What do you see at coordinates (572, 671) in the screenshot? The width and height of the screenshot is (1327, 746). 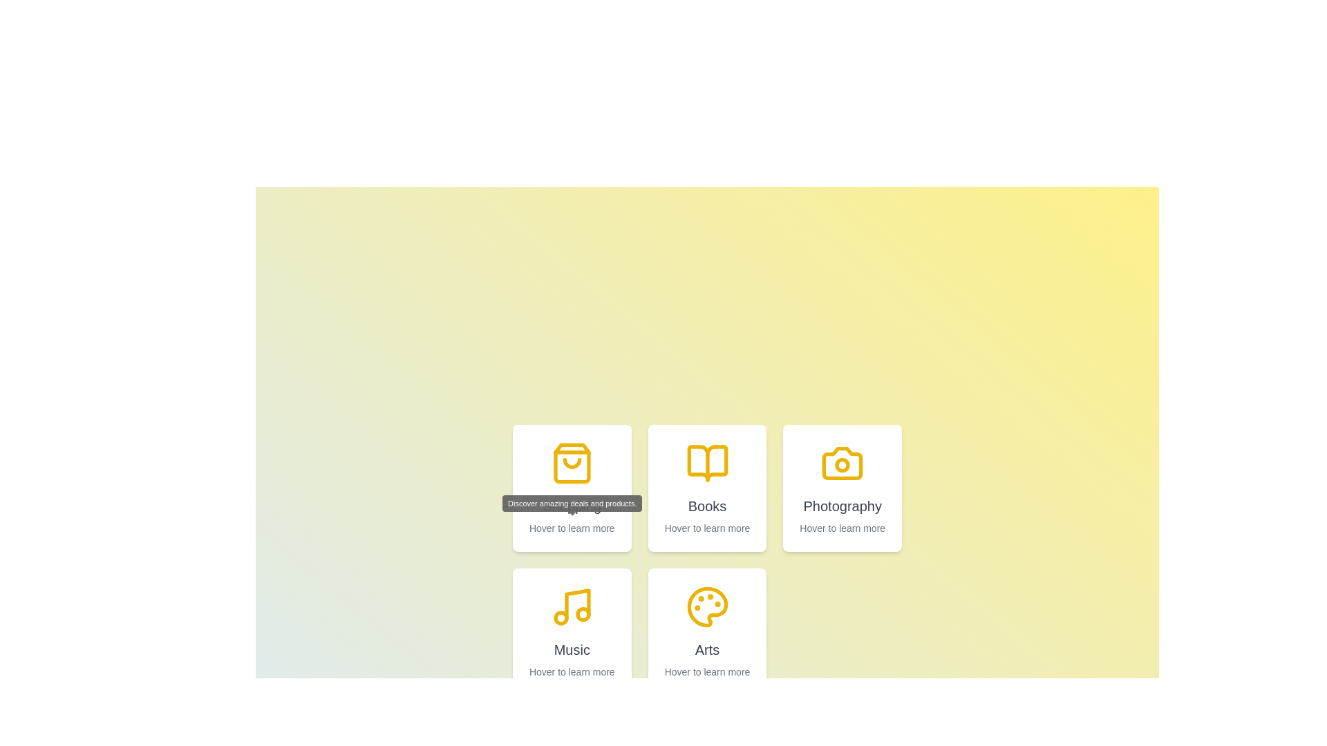 I see `the text label that displays 'Hover to learn more' located at the bottom of the 'Music' card` at bounding box center [572, 671].